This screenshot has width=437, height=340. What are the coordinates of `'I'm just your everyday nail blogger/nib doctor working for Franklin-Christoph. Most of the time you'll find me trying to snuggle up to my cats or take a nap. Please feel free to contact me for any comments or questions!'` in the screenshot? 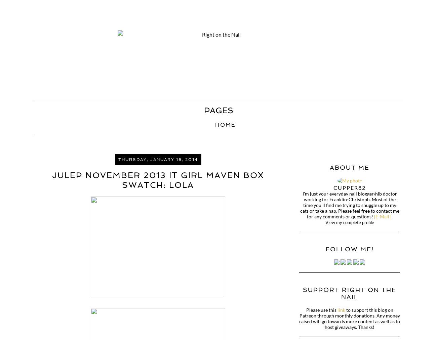 It's located at (349, 205).